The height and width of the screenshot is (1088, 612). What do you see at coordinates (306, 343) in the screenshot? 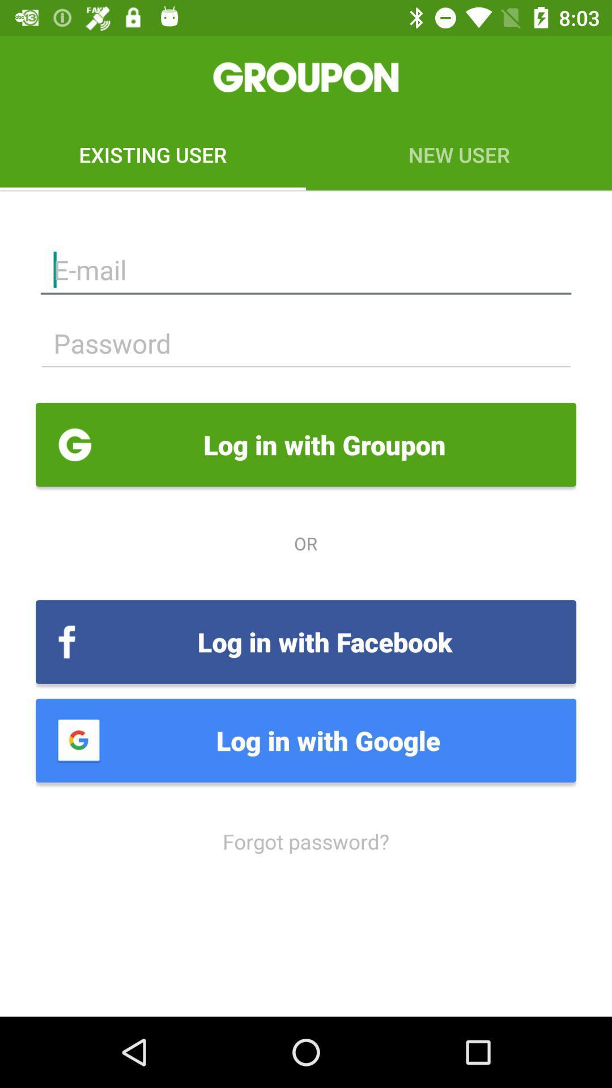
I see `password` at bounding box center [306, 343].